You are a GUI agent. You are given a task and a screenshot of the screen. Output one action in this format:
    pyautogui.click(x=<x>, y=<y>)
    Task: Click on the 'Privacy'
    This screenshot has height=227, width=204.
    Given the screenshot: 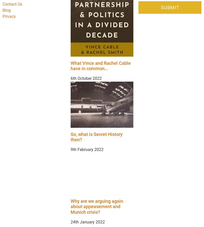 What is the action you would take?
    pyautogui.click(x=3, y=16)
    